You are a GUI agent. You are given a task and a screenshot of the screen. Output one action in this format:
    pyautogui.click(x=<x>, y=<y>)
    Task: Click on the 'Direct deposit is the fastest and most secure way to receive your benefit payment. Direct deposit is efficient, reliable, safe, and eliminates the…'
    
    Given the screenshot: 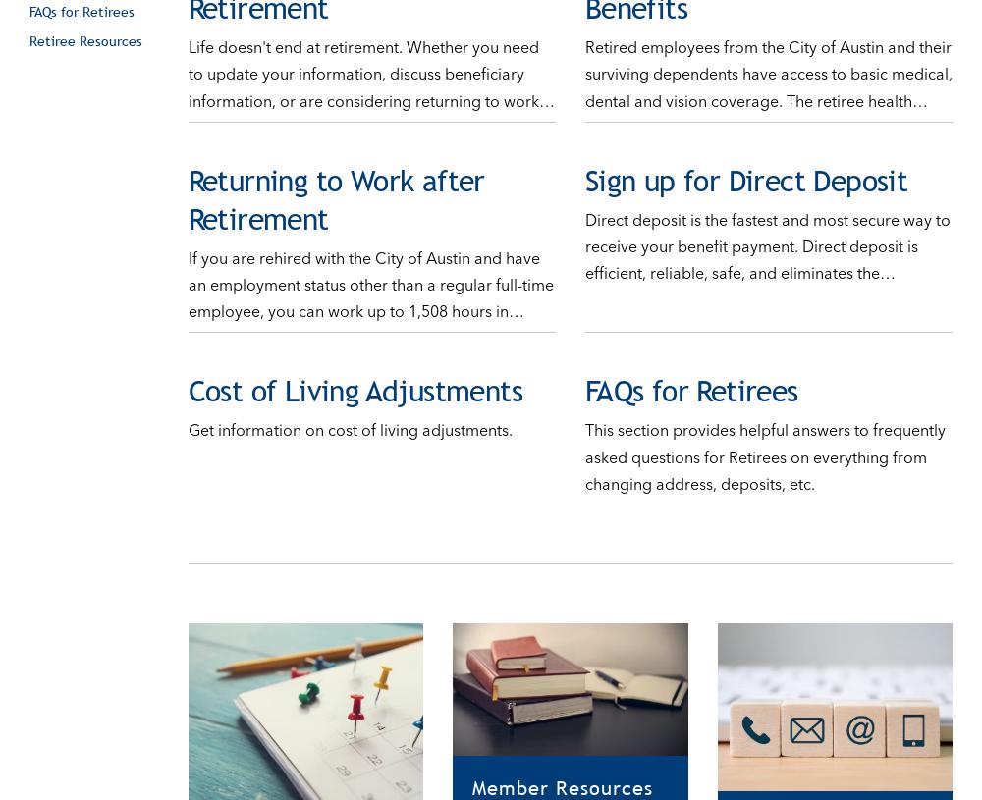 What is the action you would take?
    pyautogui.click(x=767, y=226)
    